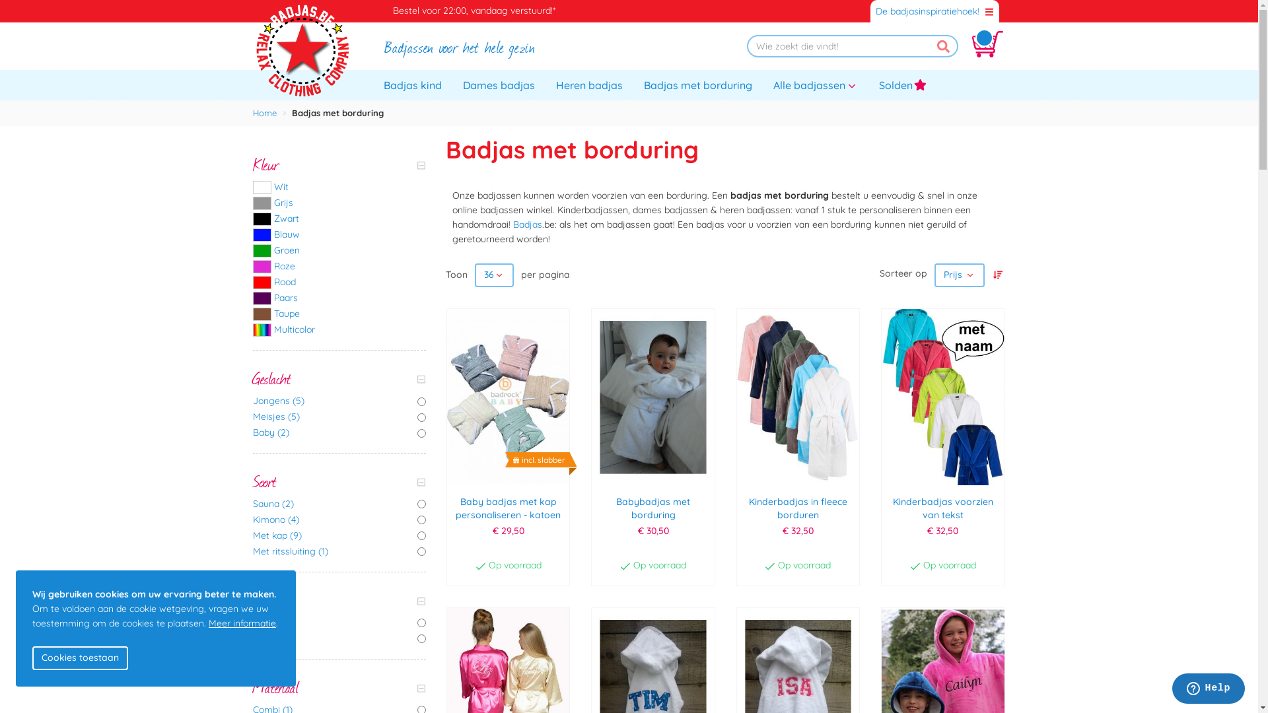 The width and height of the screenshot is (1268, 713). Describe the element at coordinates (79, 658) in the screenshot. I see `'Cookies toestaan'` at that location.